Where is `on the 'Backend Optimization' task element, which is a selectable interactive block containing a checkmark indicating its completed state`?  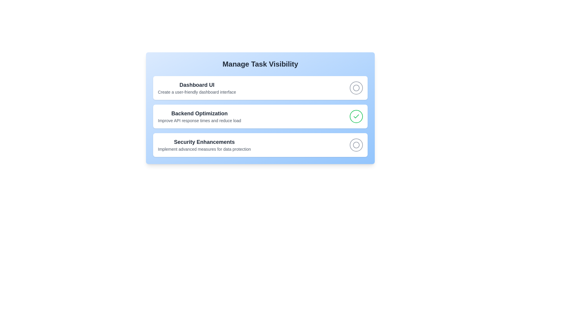 on the 'Backend Optimization' task element, which is a selectable interactive block containing a checkmark indicating its completed state is located at coordinates (260, 117).